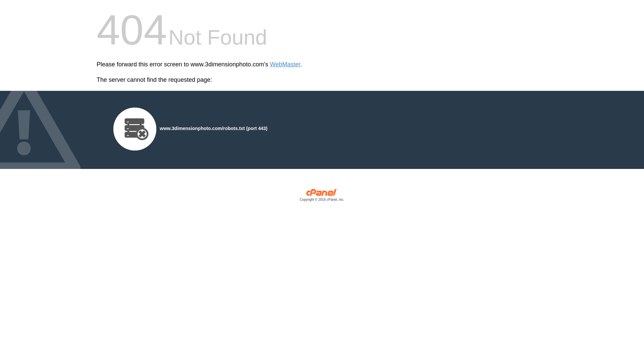  Describe the element at coordinates (285, 64) in the screenshot. I see `'WebMaster'` at that location.